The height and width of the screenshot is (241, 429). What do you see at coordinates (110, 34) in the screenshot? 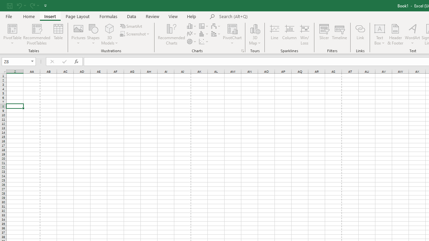
I see `'3D Models'` at bounding box center [110, 34].